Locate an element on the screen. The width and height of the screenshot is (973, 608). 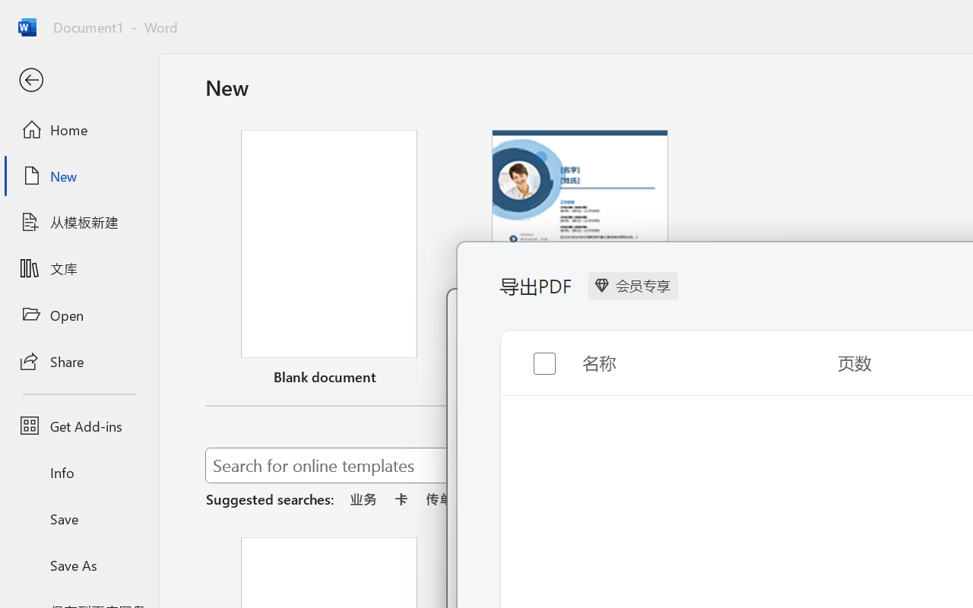
'Toggle selection for all items' is located at coordinates (532, 359).